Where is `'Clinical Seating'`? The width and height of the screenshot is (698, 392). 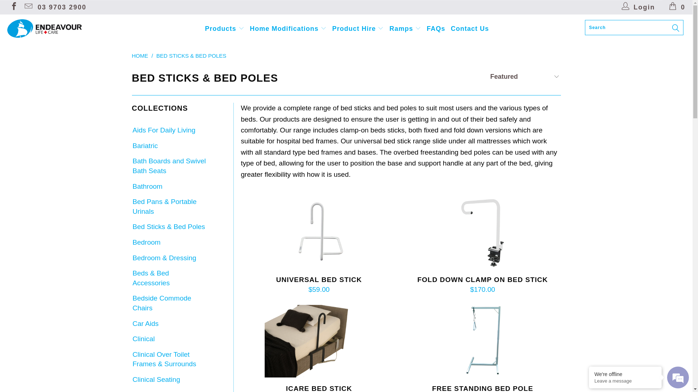
'Clinical Seating' is located at coordinates (131, 379).